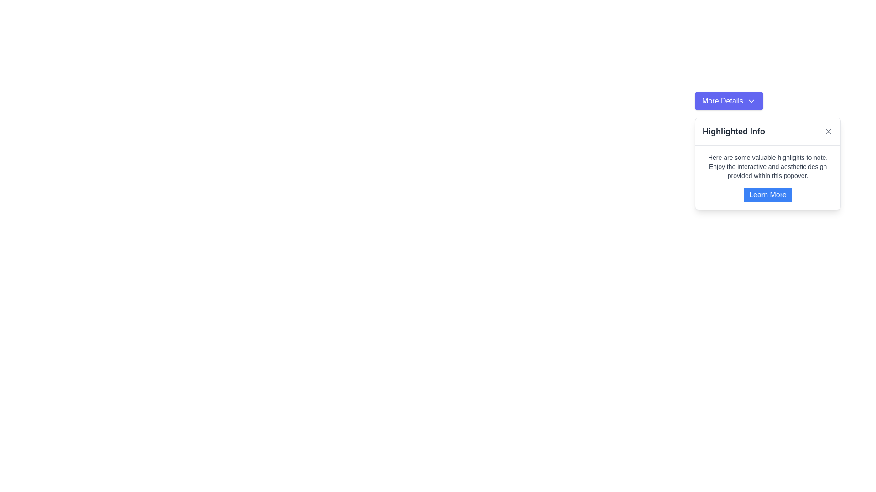 The width and height of the screenshot is (876, 492). Describe the element at coordinates (734, 132) in the screenshot. I see `the bold, large-sized text label that reads 'Highlighted Info', which is prominently styled and located at the top portion of a popover component, to the right of the 'More Details' button` at that location.